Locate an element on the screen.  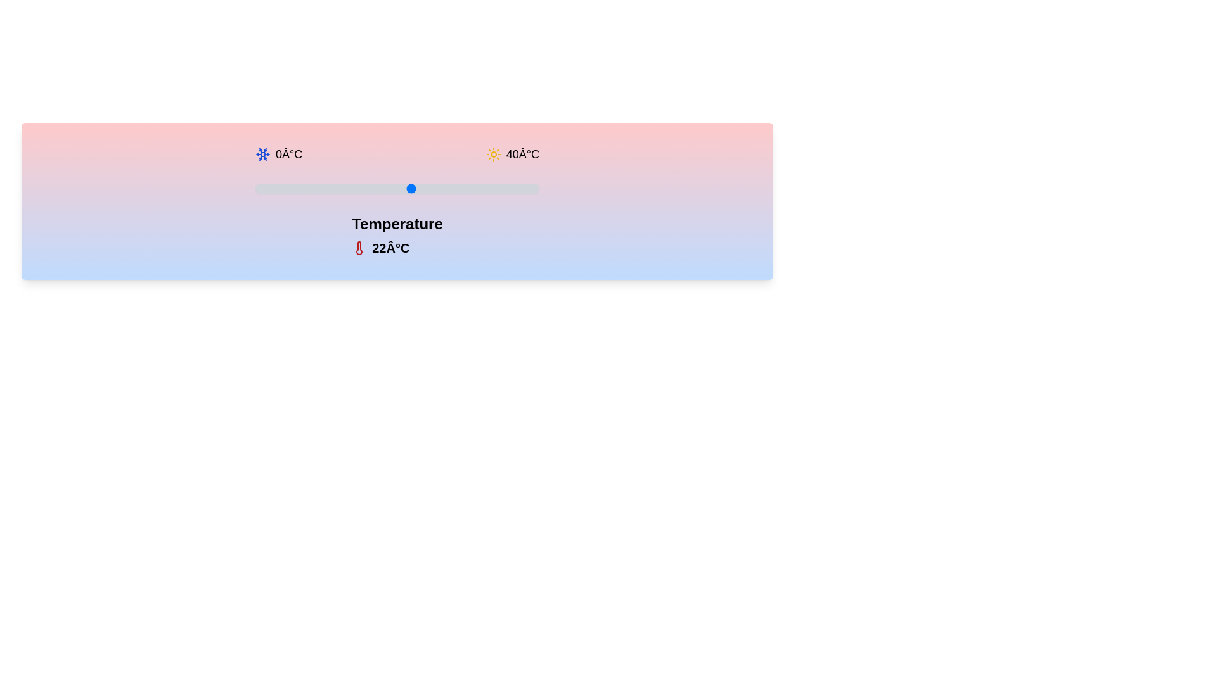
the slider to set the temperature to 22°C is located at coordinates (411, 188).